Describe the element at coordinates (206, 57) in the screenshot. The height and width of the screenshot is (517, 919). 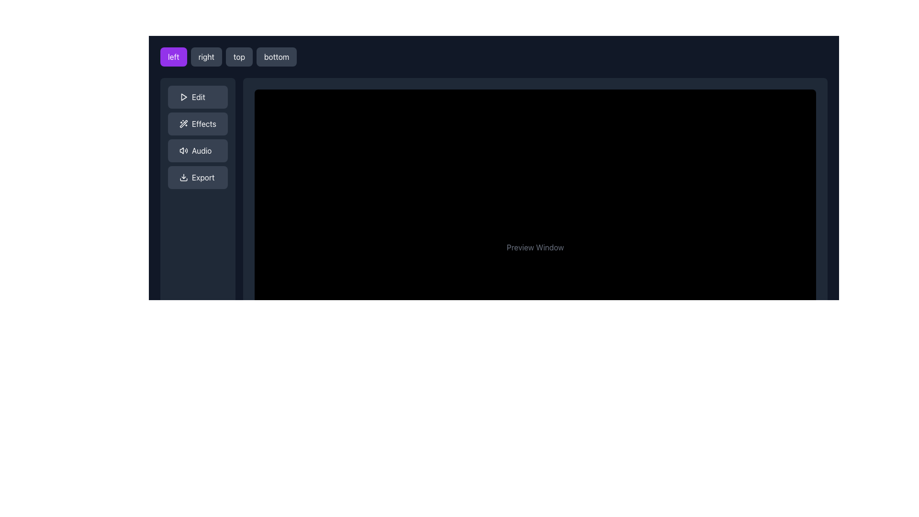
I see `the button labeled 'right'` at that location.